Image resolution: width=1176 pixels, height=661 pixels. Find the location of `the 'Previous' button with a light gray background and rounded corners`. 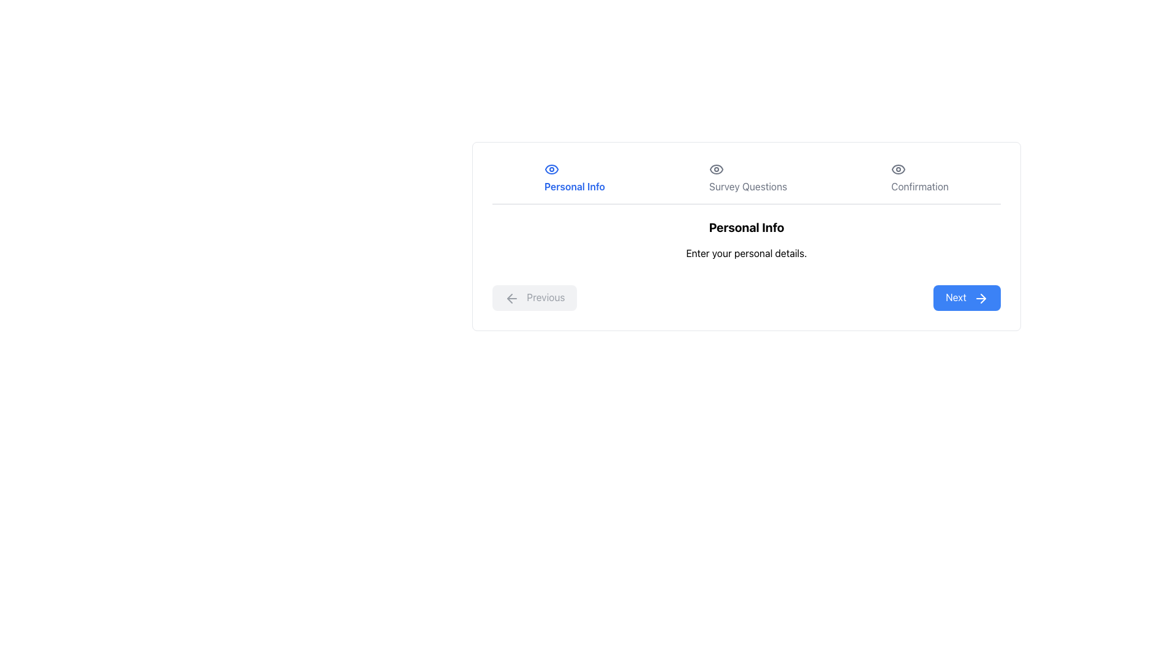

the 'Previous' button with a light gray background and rounded corners is located at coordinates (535, 297).